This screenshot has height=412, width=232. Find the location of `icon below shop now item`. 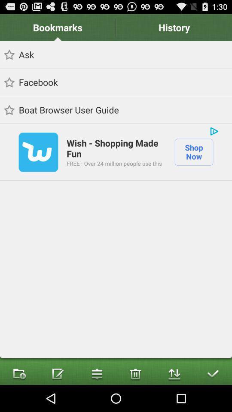

icon below shop now item is located at coordinates (212, 373).